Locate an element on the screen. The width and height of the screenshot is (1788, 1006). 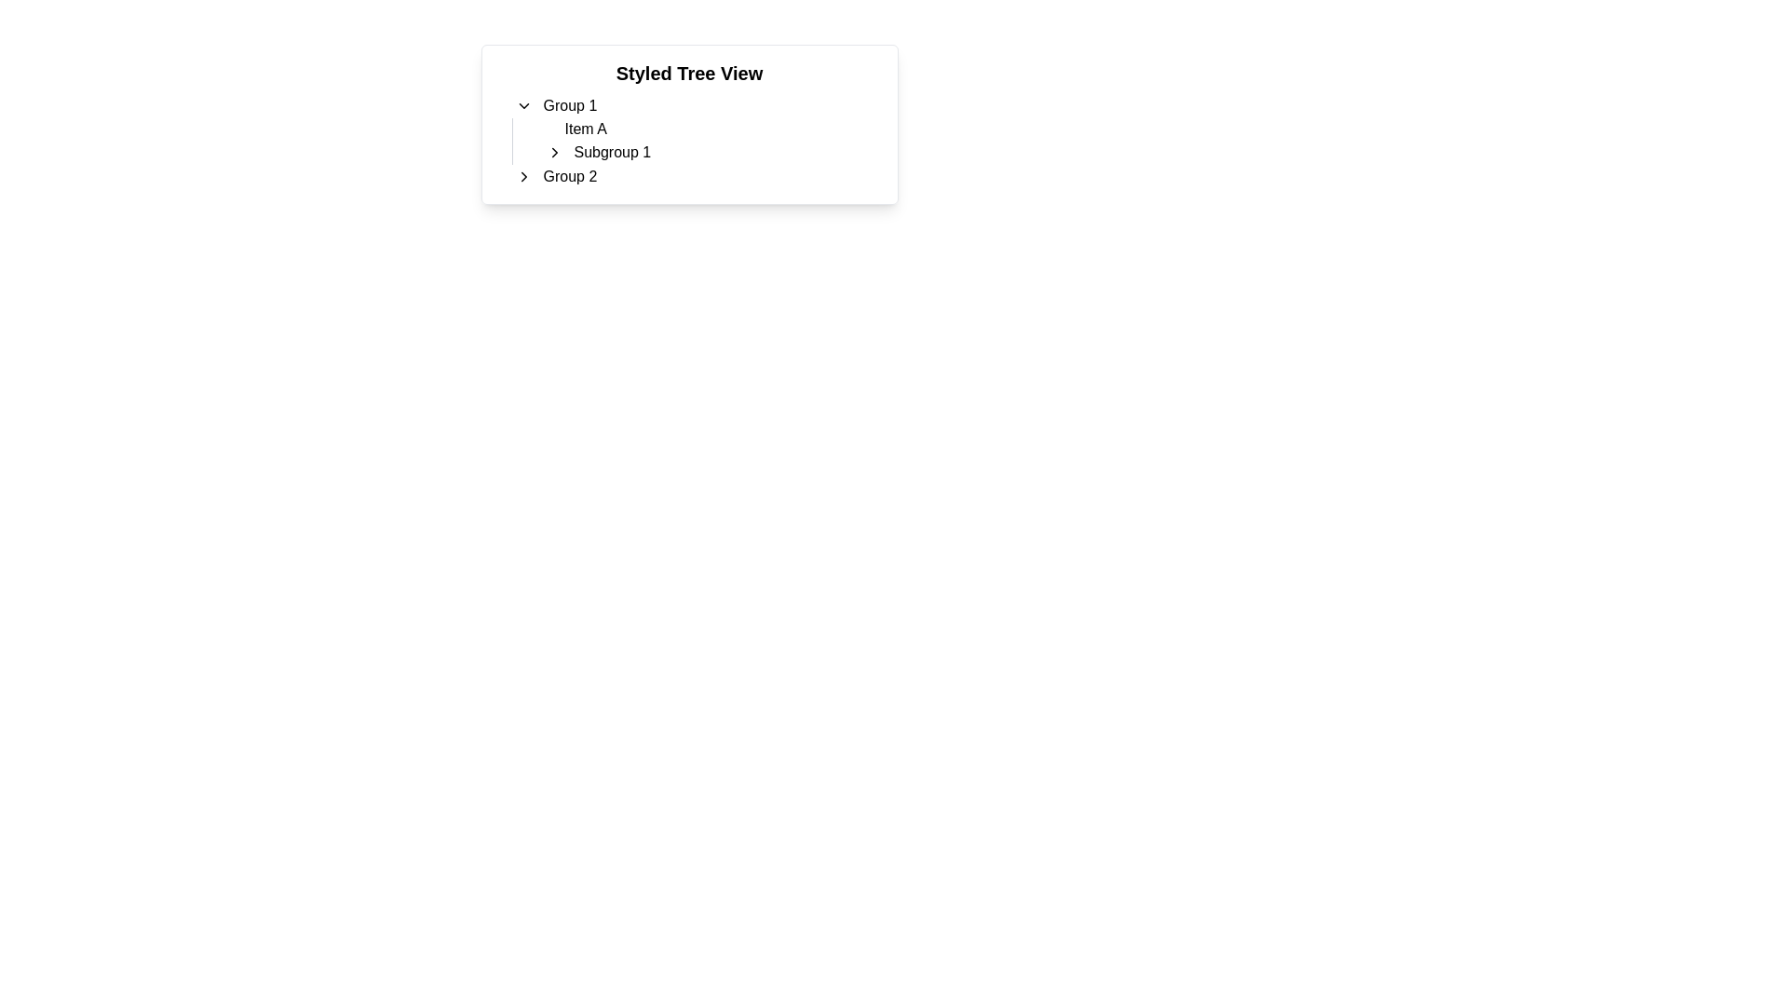
the 'Group 1' text label within the collapsible tree structure is located at coordinates (569, 106).